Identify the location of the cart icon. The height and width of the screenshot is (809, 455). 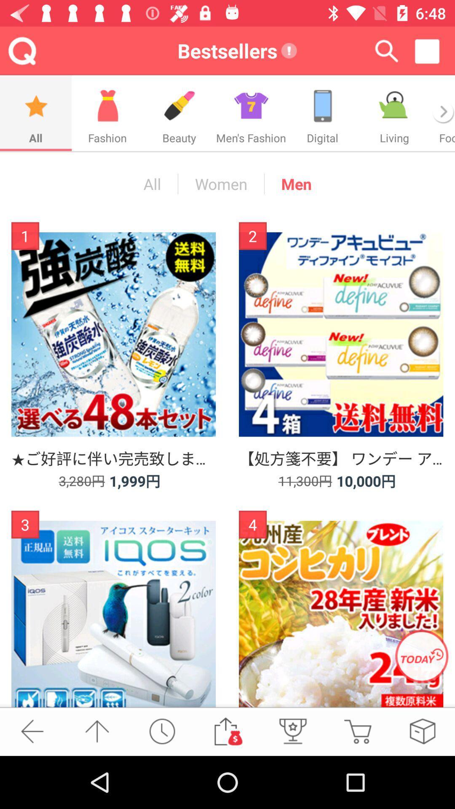
(357, 731).